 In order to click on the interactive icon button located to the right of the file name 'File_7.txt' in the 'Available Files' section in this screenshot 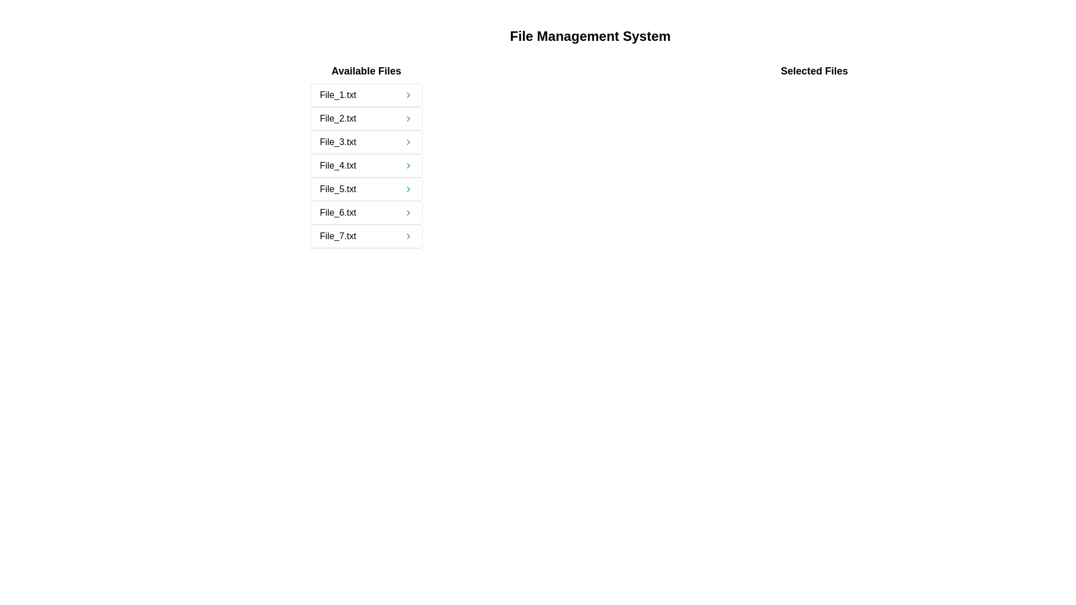, I will do `click(407, 235)`.